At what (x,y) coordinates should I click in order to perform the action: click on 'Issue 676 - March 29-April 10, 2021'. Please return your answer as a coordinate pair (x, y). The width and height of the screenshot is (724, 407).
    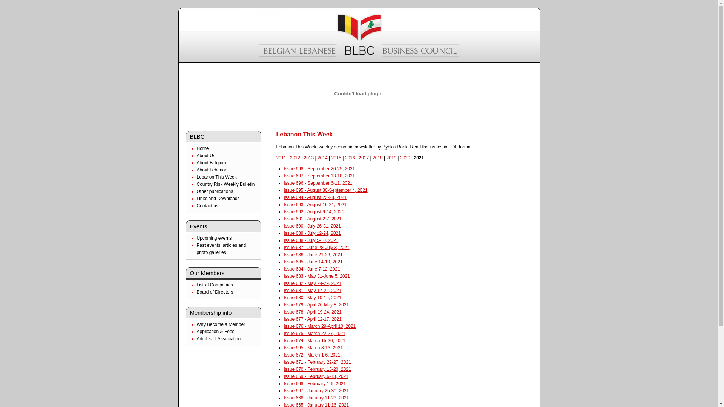
    Looking at the image, I should click on (283, 326).